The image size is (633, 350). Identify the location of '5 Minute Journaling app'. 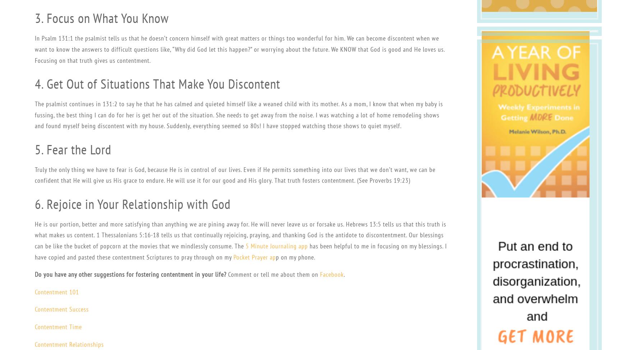
(275, 245).